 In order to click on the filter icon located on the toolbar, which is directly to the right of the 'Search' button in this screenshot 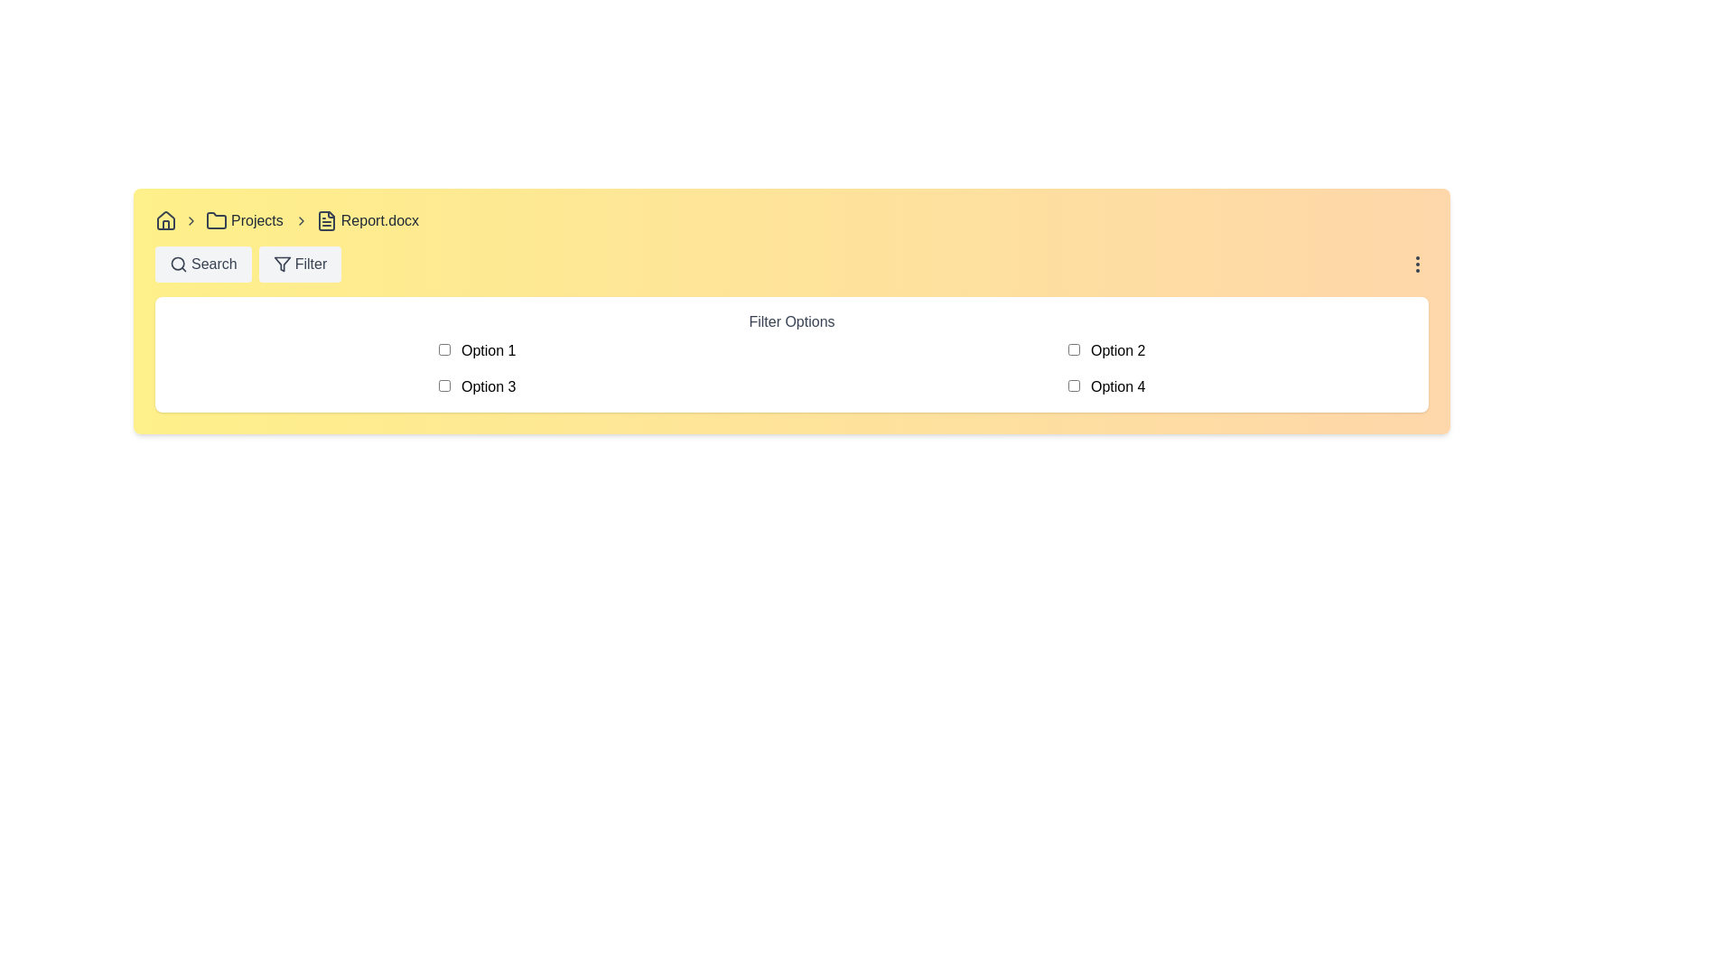, I will do `click(281, 265)`.